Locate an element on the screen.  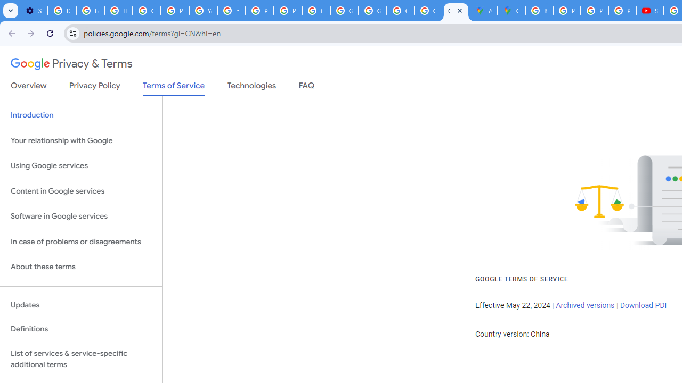
'Archived versions' is located at coordinates (584, 305).